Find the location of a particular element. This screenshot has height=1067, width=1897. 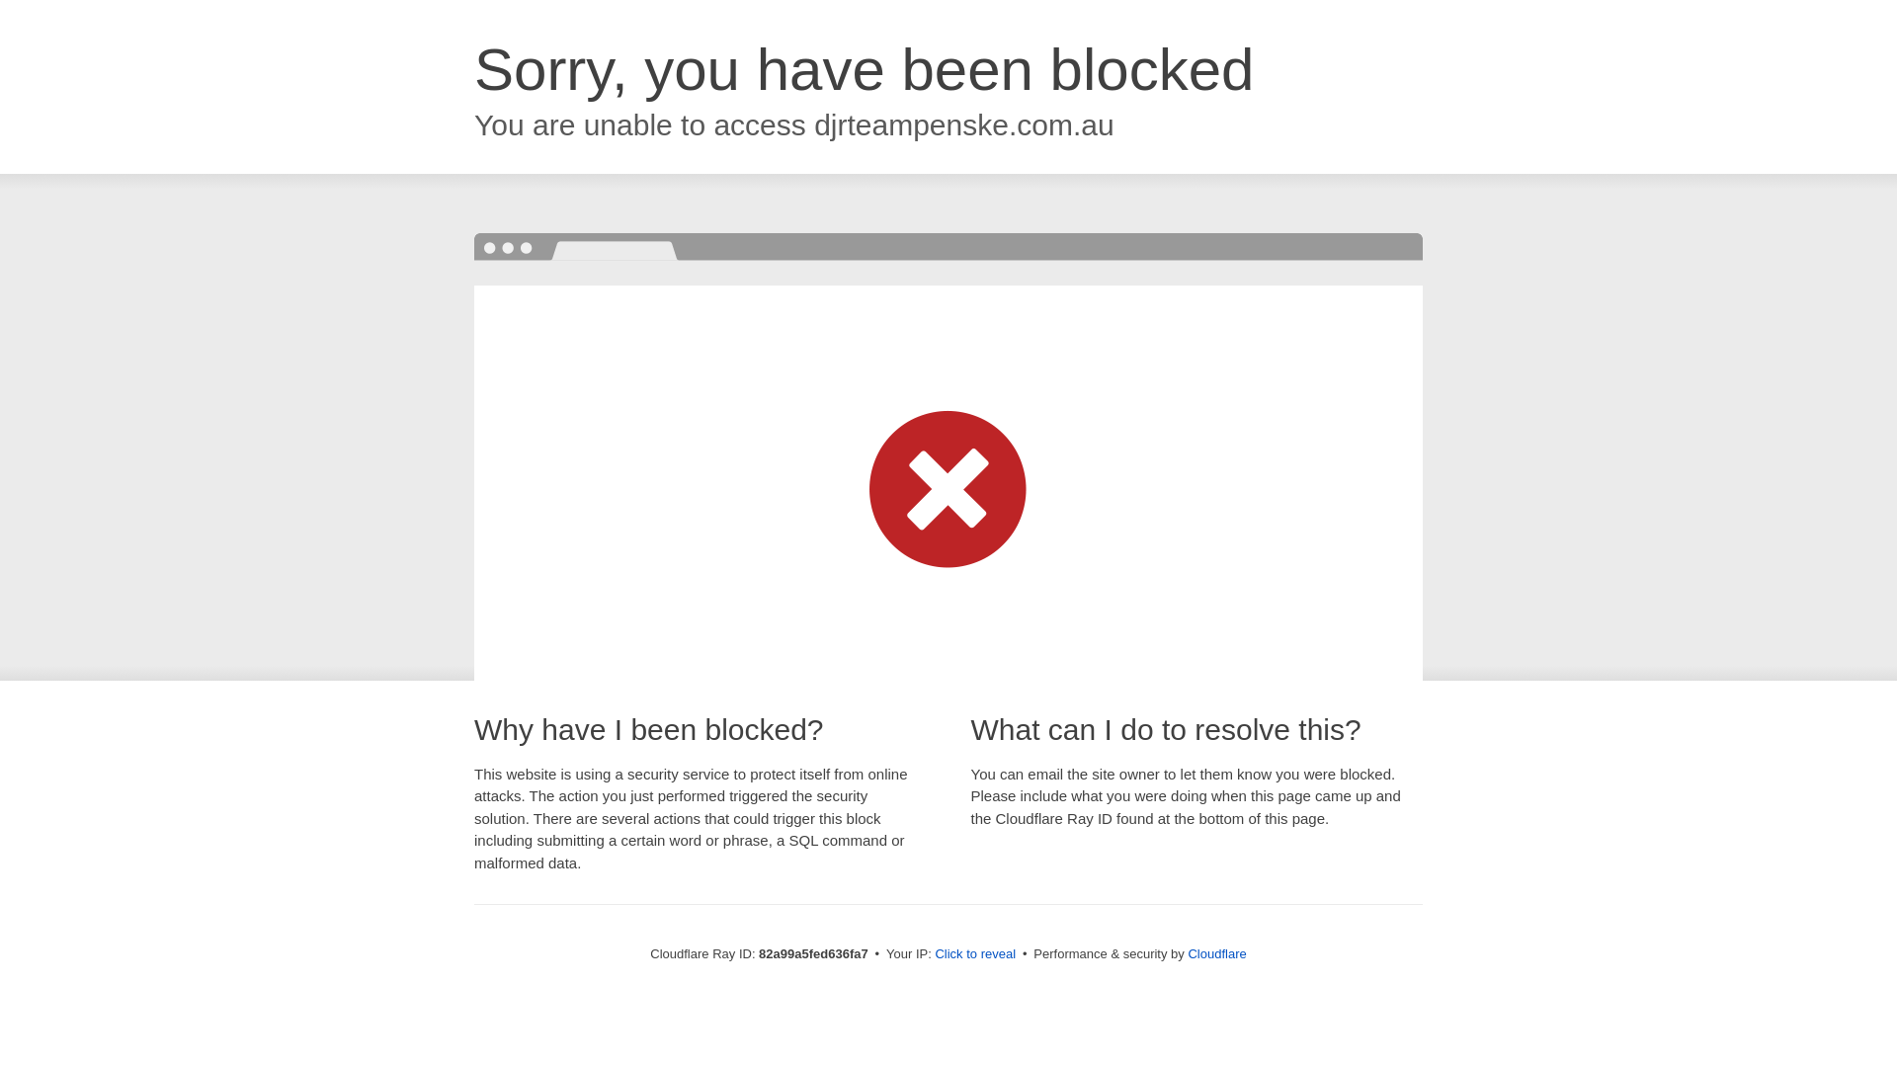

'Cloudflare' is located at coordinates (1186, 952).